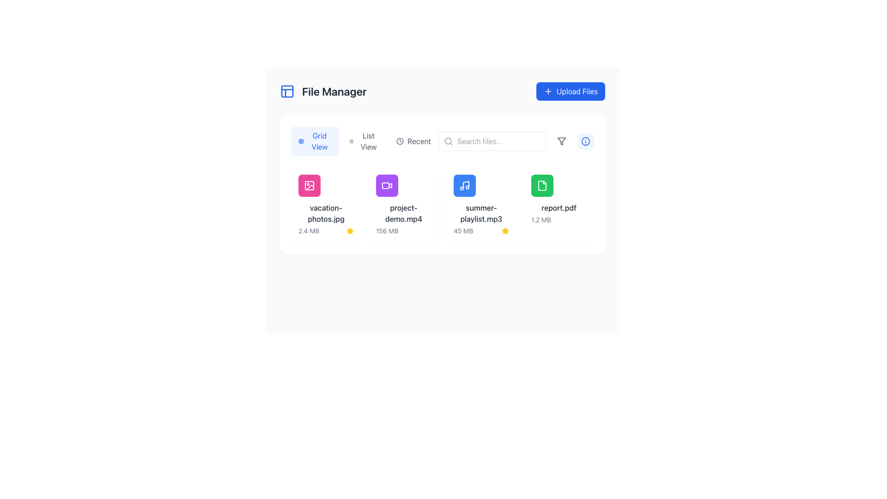 This screenshot has height=499, width=887. What do you see at coordinates (350, 141) in the screenshot?
I see `the 'List View' button icon to switch the file manager layout to a list view` at bounding box center [350, 141].